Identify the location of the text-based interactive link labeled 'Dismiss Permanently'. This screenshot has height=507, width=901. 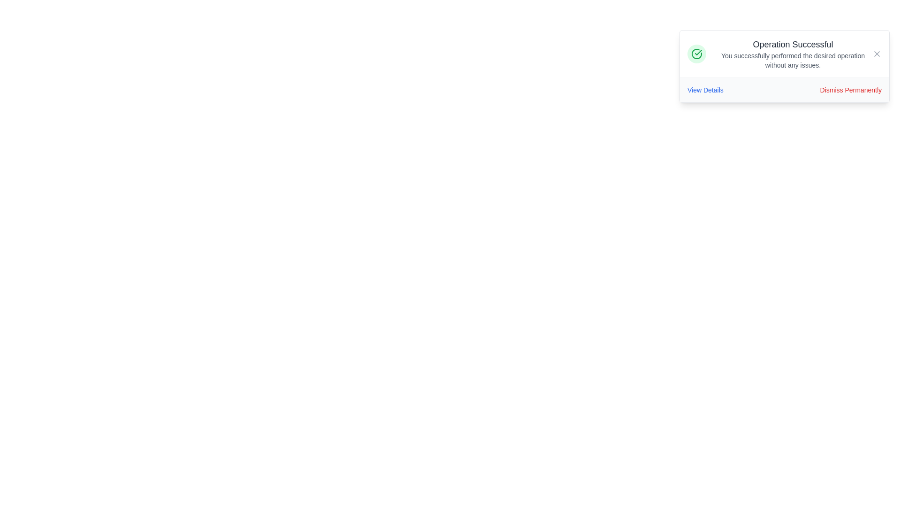
(851, 90).